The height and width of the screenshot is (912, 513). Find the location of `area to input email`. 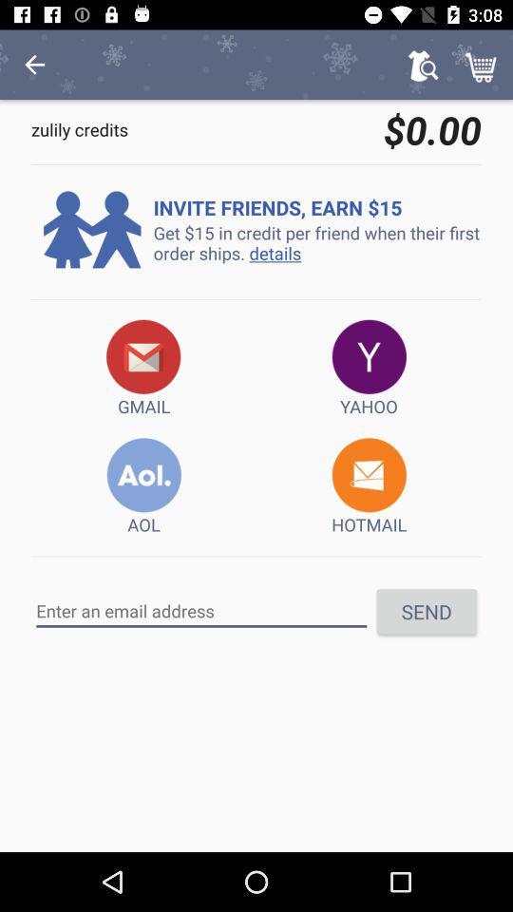

area to input email is located at coordinates (200, 610).